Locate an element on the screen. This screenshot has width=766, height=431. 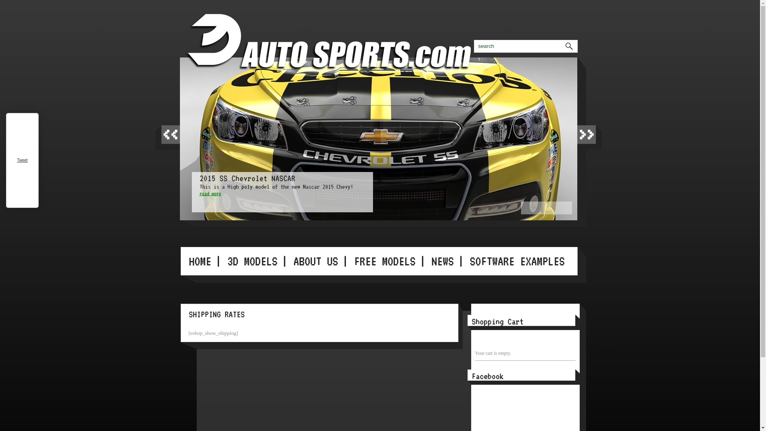
'FREE MODELS' is located at coordinates (384, 261).